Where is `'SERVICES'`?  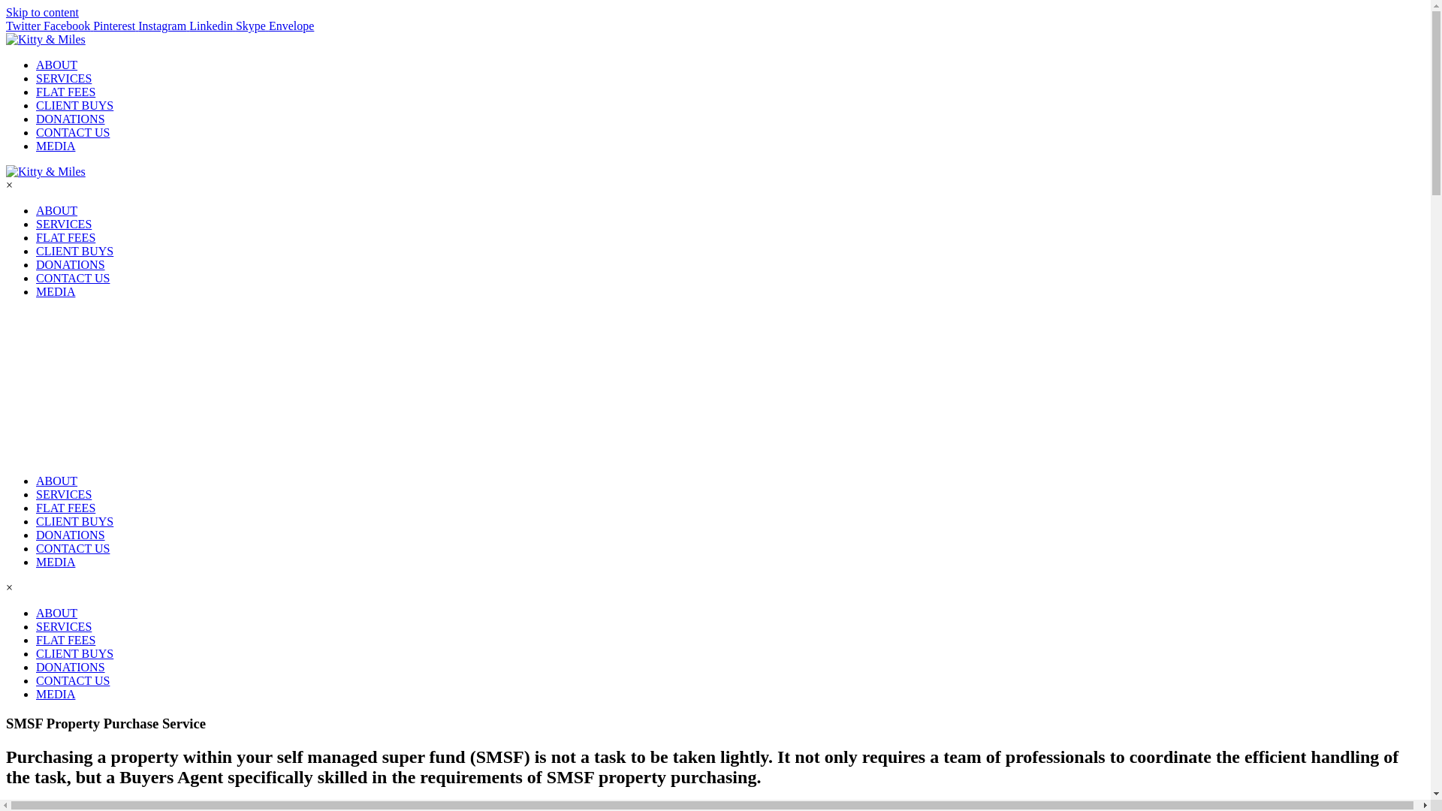
'SERVICES' is located at coordinates (620, 69).